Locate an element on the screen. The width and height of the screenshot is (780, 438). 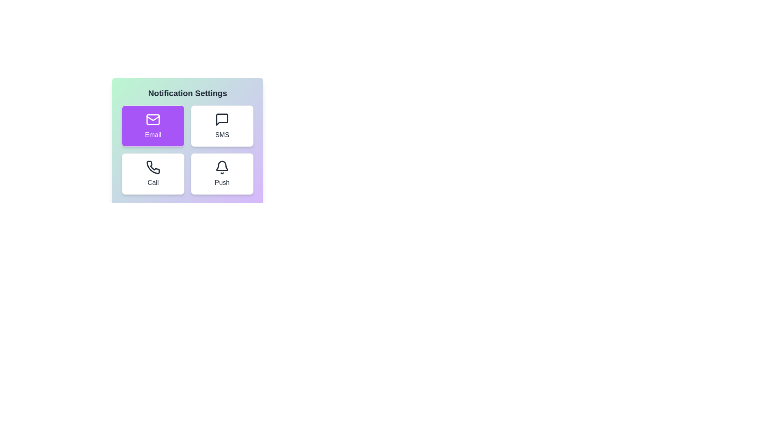
the SMS notification button to observe the hover effect is located at coordinates (222, 126).